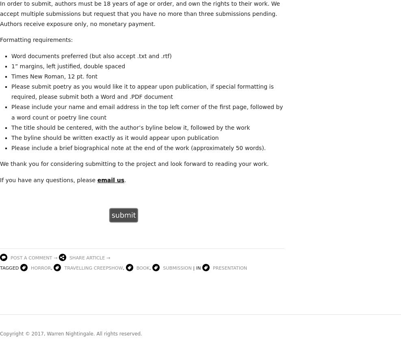 The height and width of the screenshot is (355, 401). What do you see at coordinates (34, 258) in the screenshot?
I see `'Post a Comment →'` at bounding box center [34, 258].